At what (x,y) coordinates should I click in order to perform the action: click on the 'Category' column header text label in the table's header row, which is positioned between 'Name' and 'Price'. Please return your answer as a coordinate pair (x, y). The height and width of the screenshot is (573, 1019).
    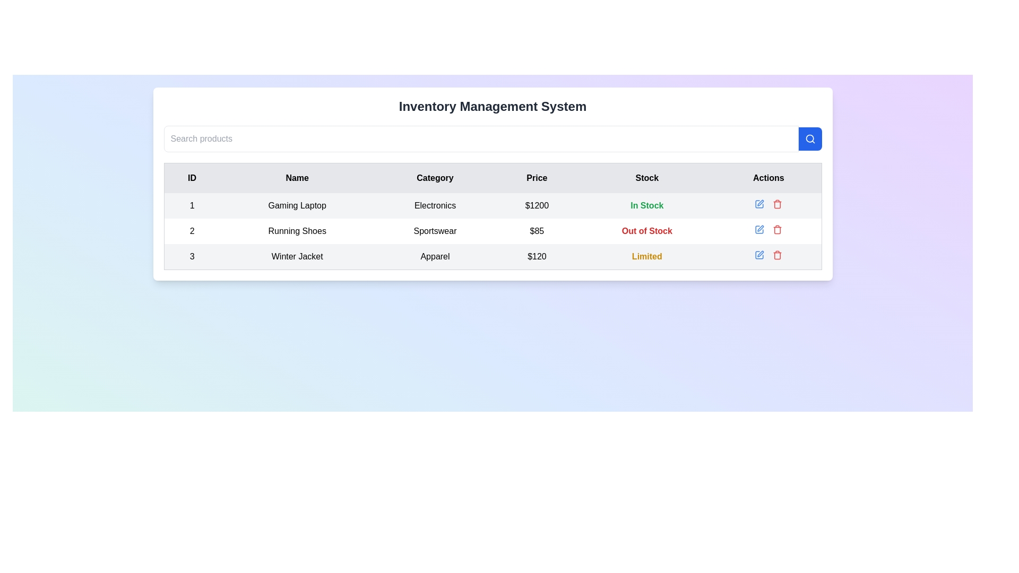
    Looking at the image, I should click on (435, 177).